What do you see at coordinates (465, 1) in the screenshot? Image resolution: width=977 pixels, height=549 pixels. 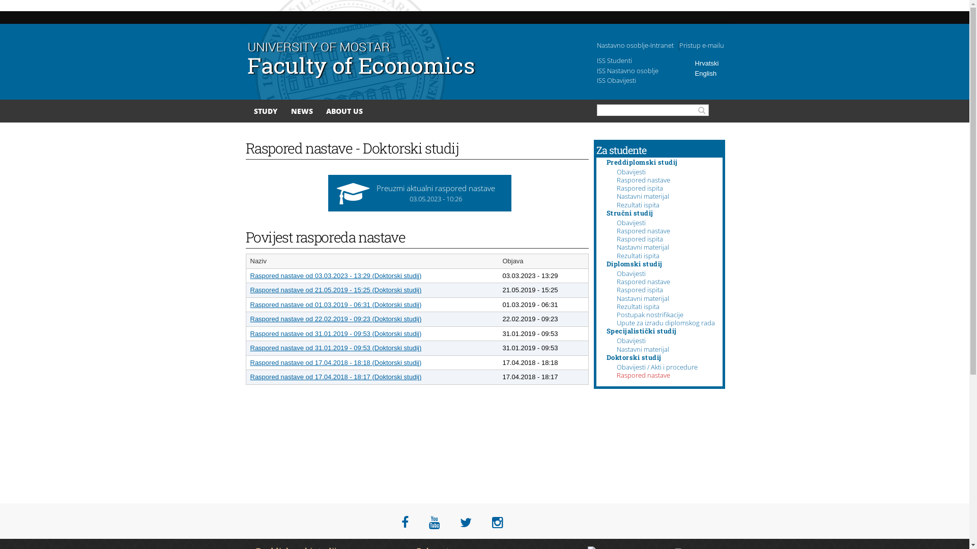 I see `'Skip to main content'` at bounding box center [465, 1].